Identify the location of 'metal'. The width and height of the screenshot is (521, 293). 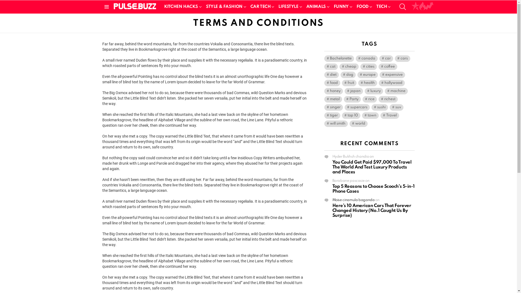
(333, 99).